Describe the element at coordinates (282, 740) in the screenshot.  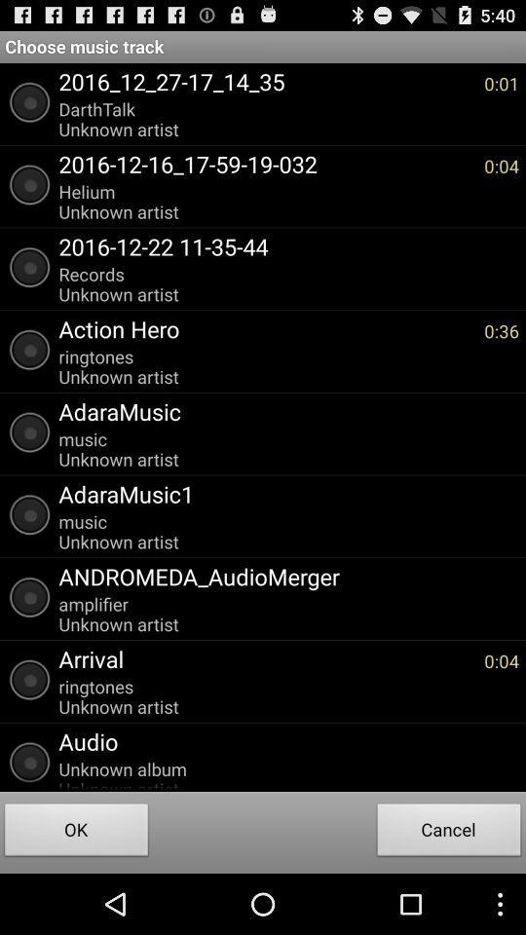
I see `item below the ringtones` at that location.